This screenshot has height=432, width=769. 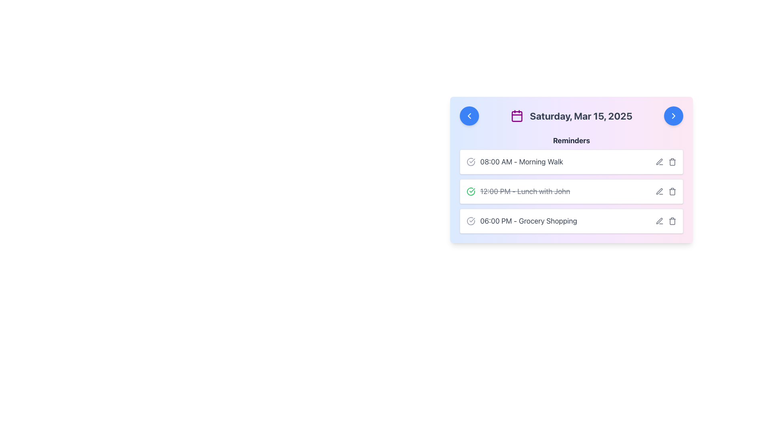 I want to click on the circular blue button with a white left-facing chevron icon to observe the hover effect before the text 'Saturday, Mar 15, 2025', so click(x=469, y=116).